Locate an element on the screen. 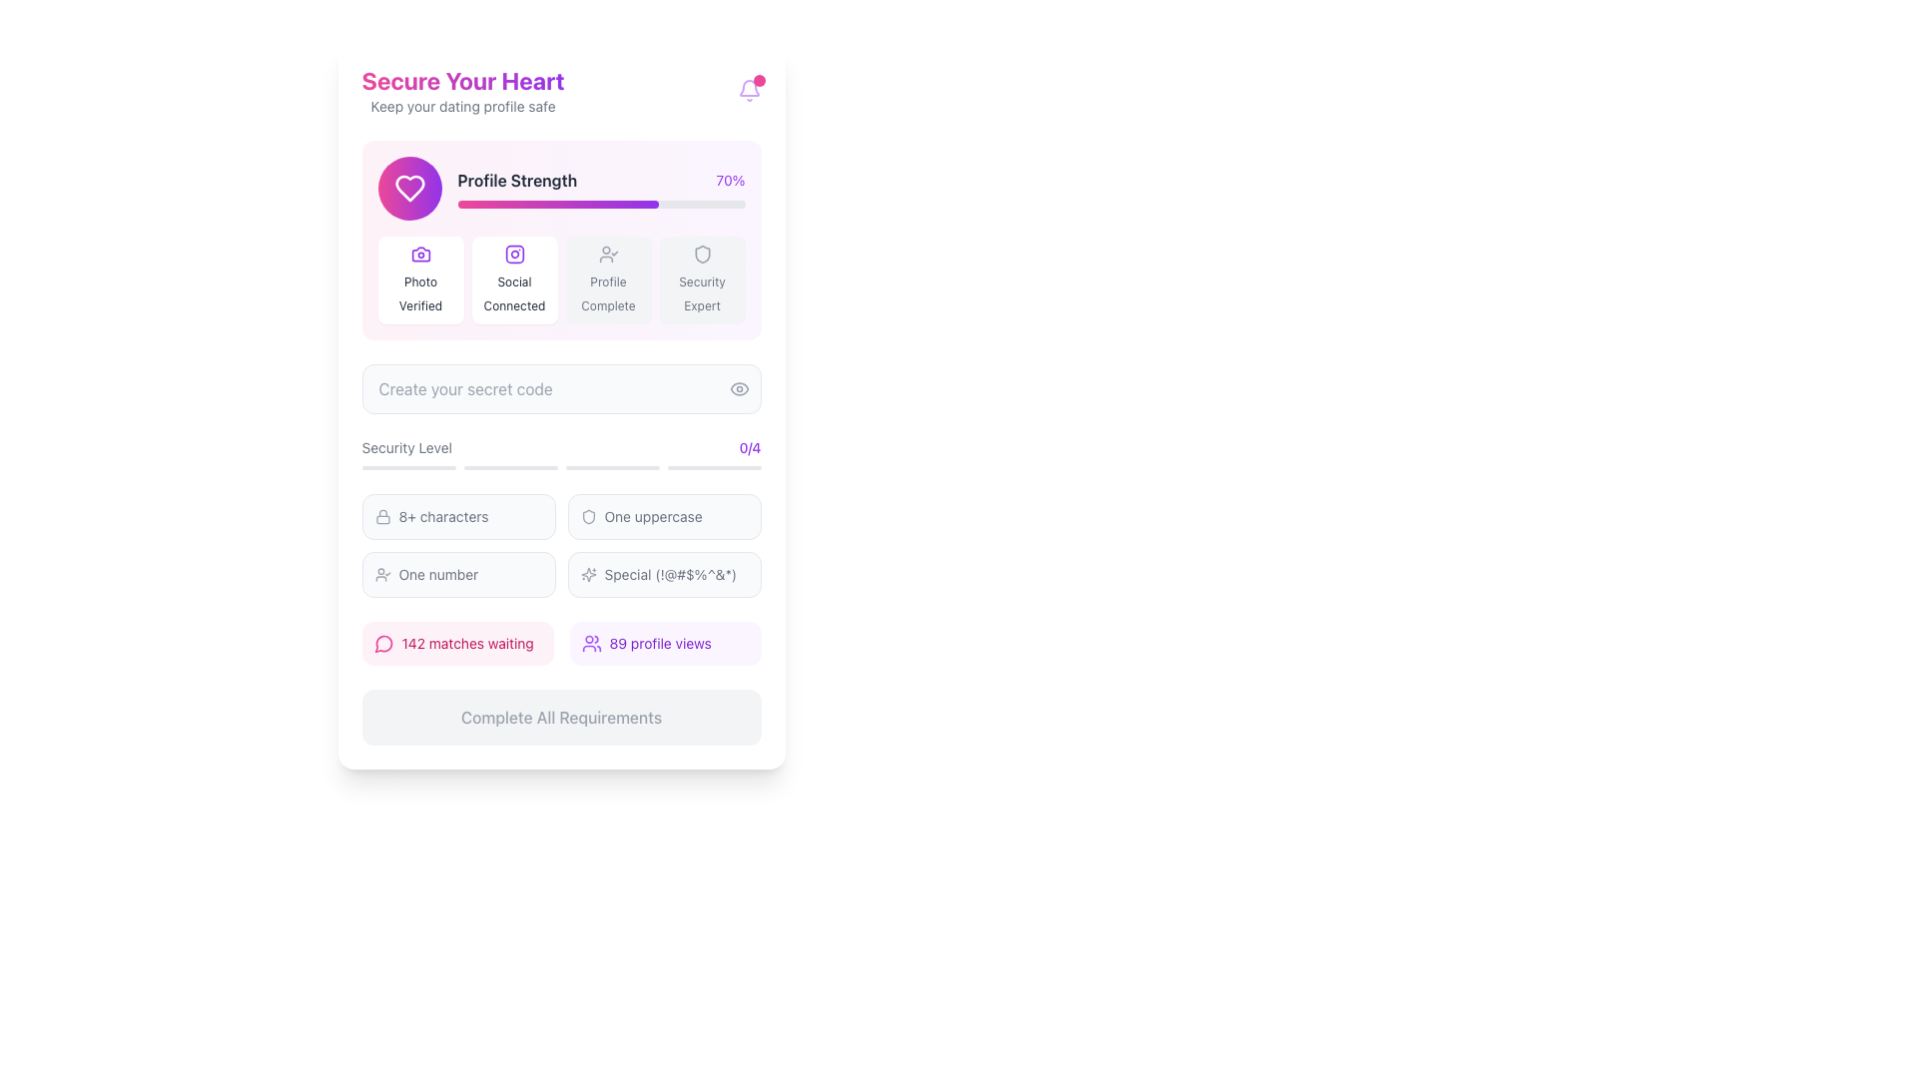 The height and width of the screenshot is (1078, 1917). the 'Social Connected' icon located in the second slot under the 'Profile Strength' section is located at coordinates (514, 253).